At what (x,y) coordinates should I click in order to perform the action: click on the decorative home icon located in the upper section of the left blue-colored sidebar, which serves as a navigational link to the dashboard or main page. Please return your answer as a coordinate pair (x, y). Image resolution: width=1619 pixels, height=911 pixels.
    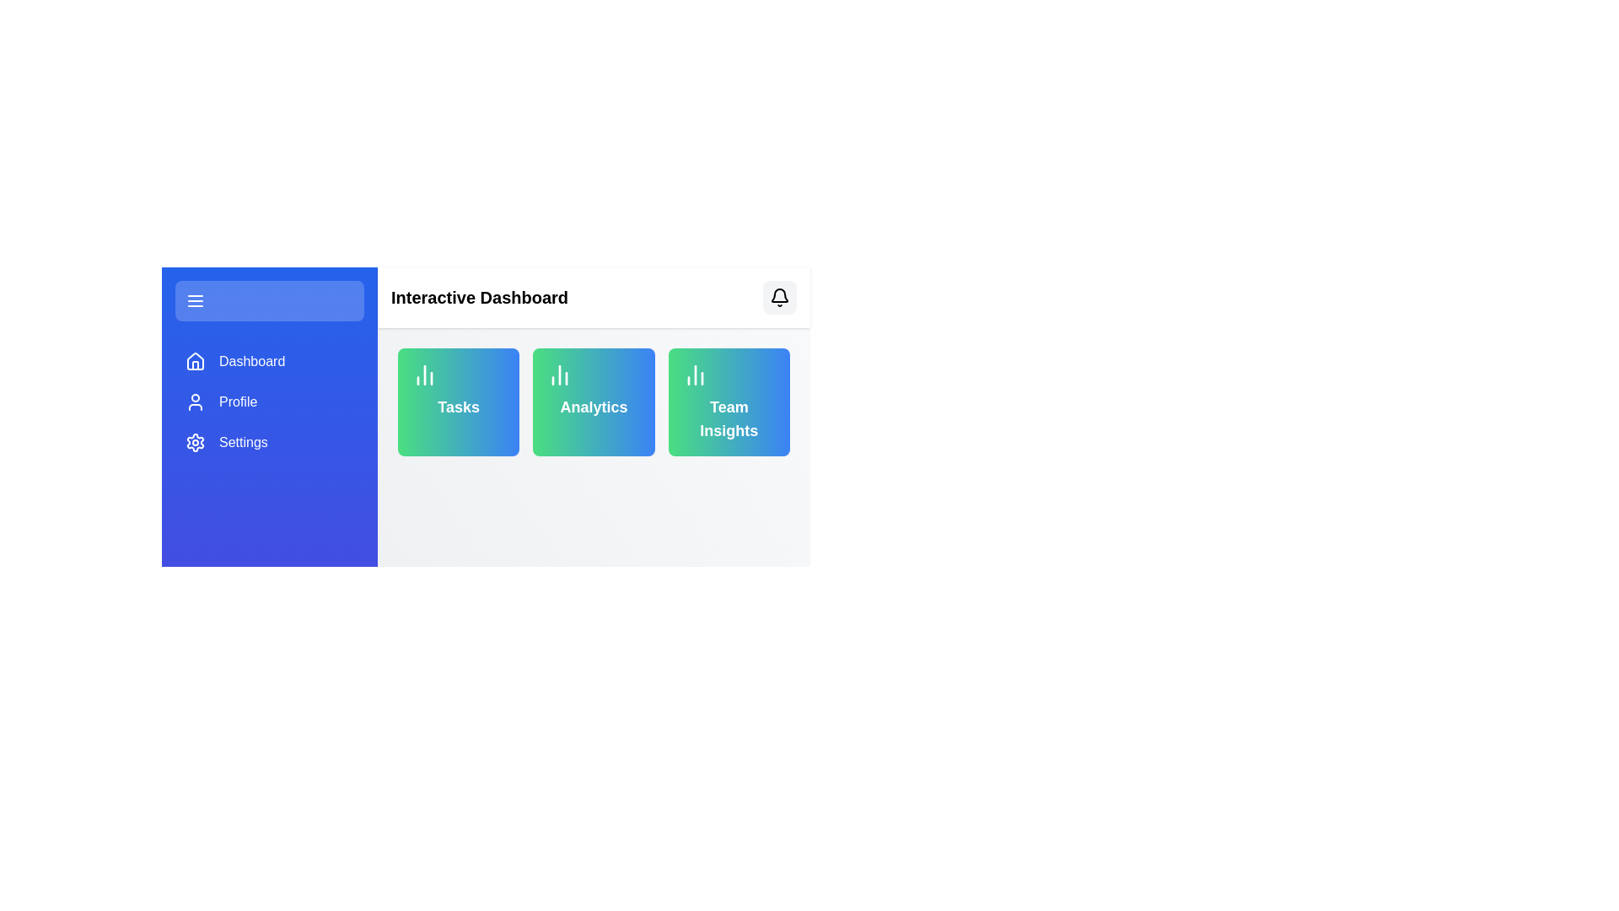
    Looking at the image, I should click on (195, 364).